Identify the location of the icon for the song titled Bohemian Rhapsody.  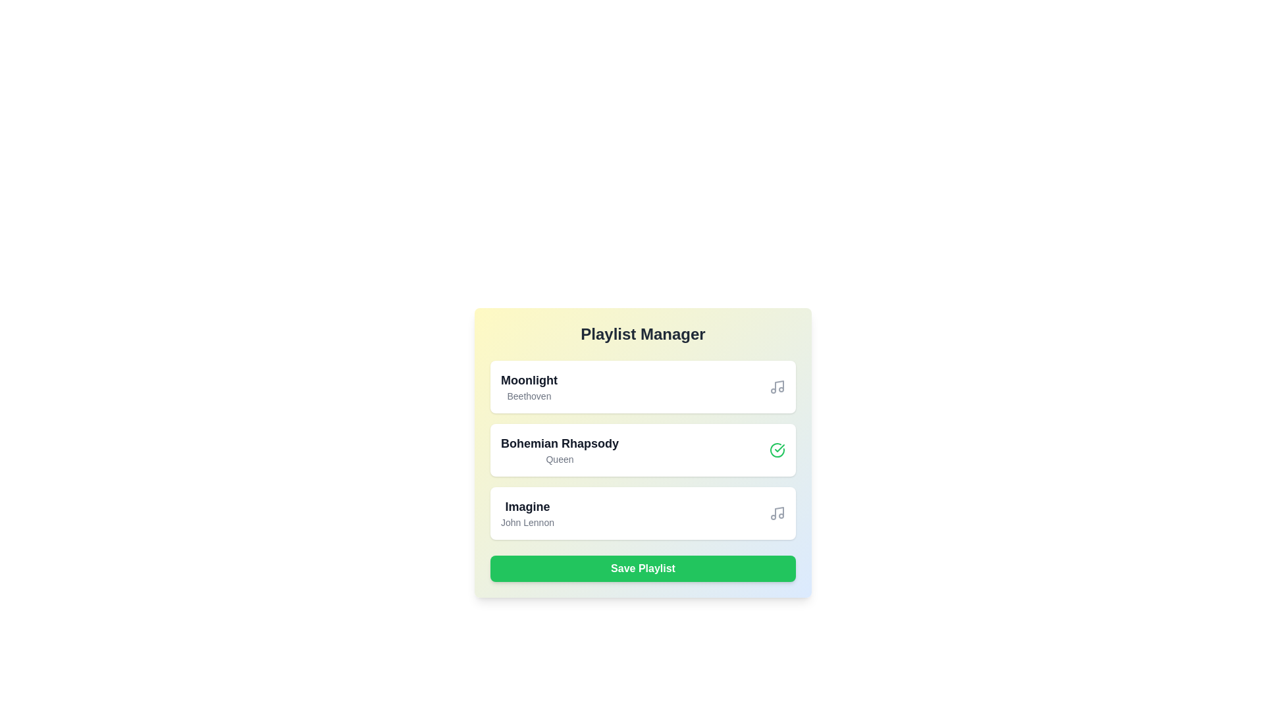
(777, 449).